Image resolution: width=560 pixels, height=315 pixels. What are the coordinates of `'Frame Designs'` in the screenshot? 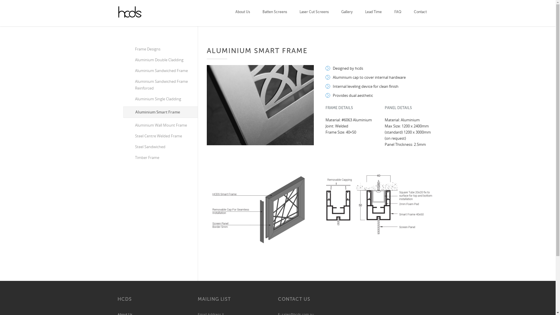 It's located at (160, 49).